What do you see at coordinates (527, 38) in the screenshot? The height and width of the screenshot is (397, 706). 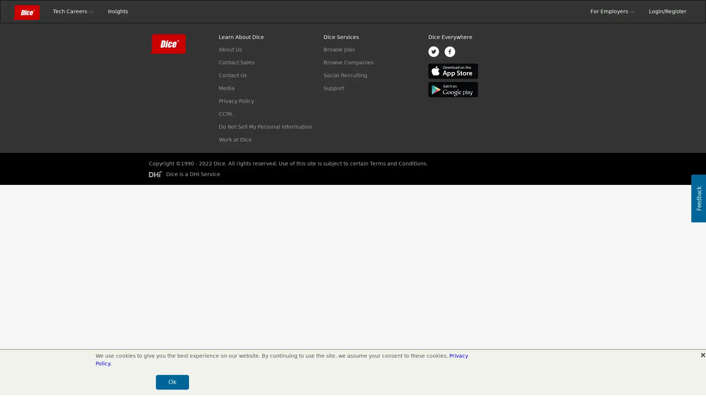 I see `Search Jobs` at bounding box center [527, 38].